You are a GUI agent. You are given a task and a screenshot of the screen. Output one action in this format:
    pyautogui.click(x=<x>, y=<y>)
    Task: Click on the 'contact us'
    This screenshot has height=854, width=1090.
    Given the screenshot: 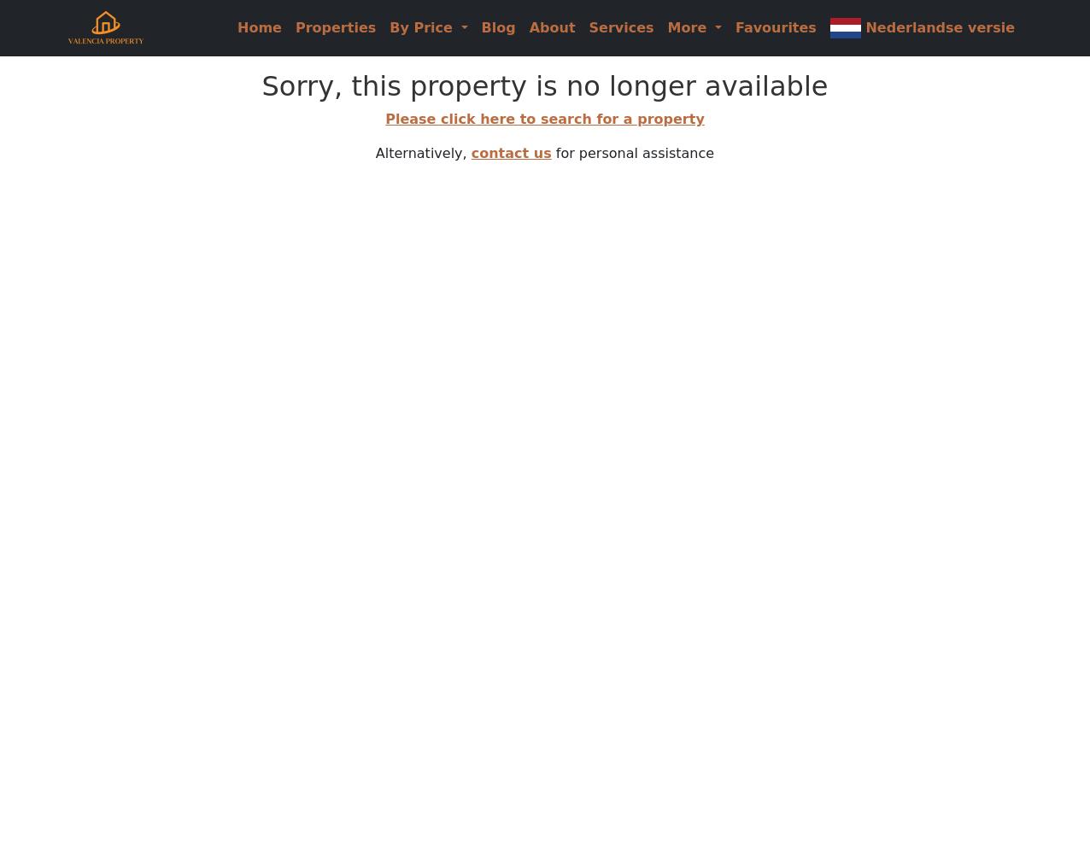 What is the action you would take?
    pyautogui.click(x=510, y=153)
    